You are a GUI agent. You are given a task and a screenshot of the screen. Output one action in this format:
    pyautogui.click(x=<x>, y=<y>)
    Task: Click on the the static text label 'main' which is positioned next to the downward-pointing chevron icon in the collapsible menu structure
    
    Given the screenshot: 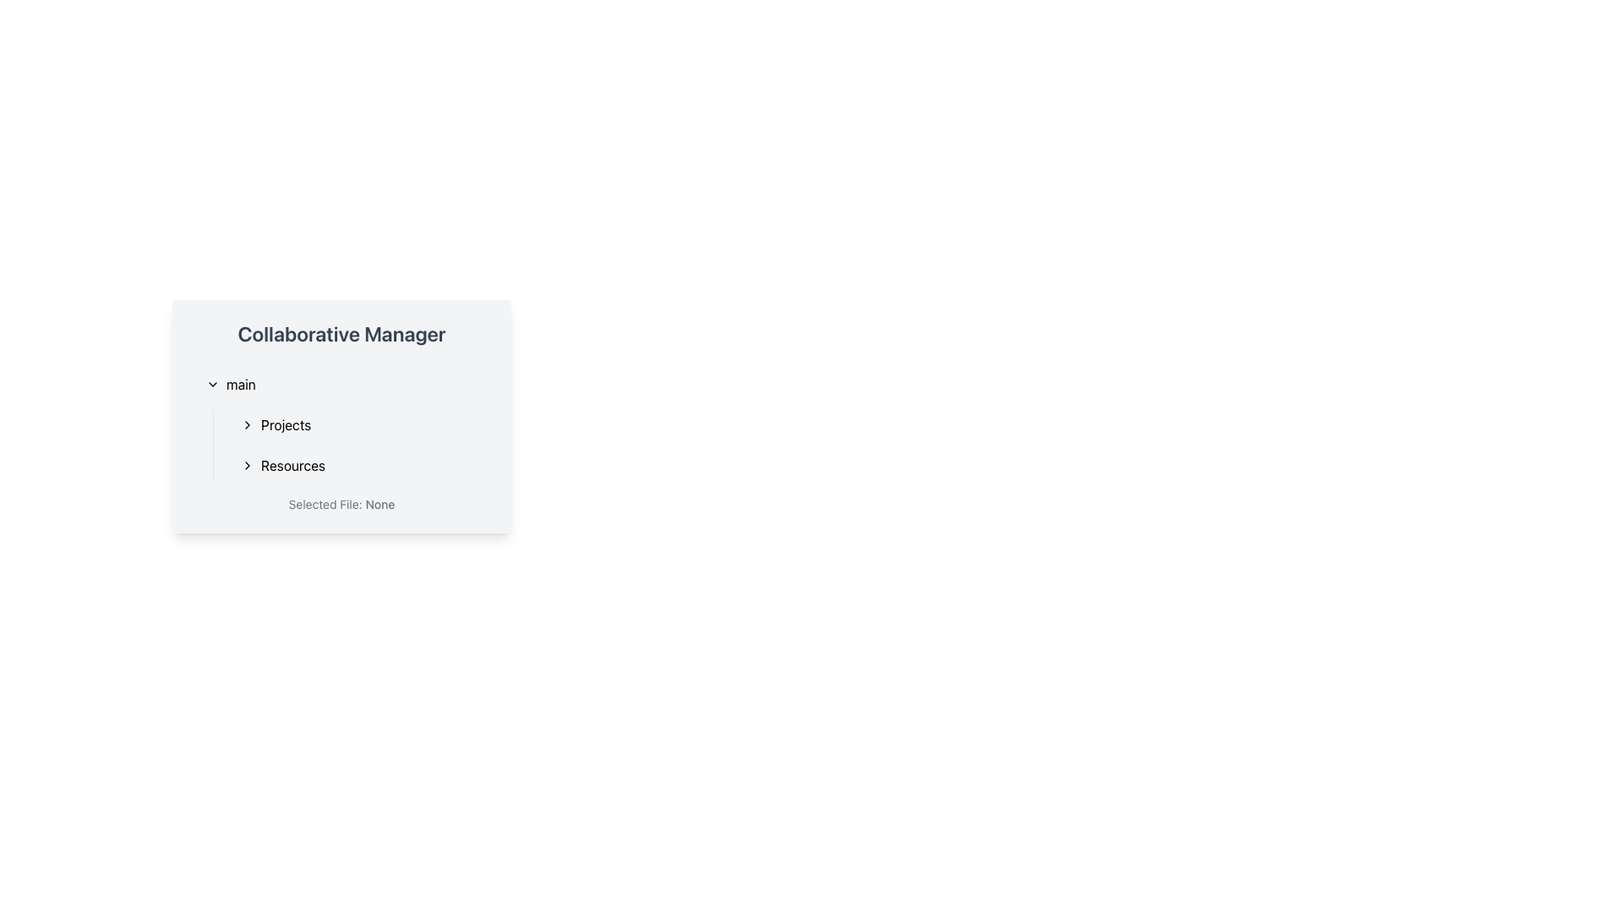 What is the action you would take?
    pyautogui.click(x=240, y=385)
    